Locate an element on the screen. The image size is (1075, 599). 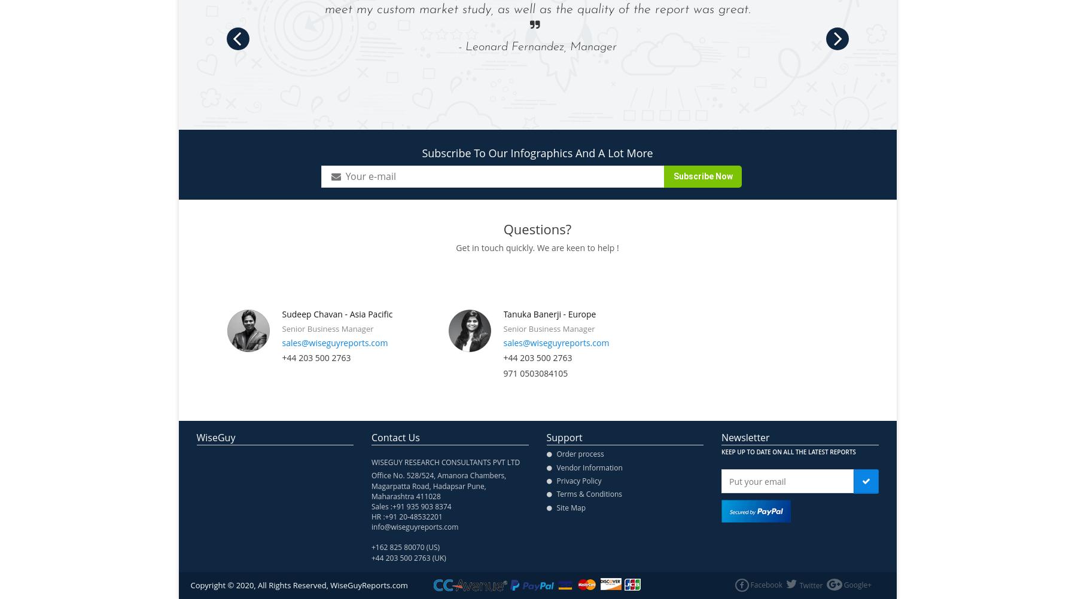
'+44 203 500 2763 (UK)' is located at coordinates (409, 557).